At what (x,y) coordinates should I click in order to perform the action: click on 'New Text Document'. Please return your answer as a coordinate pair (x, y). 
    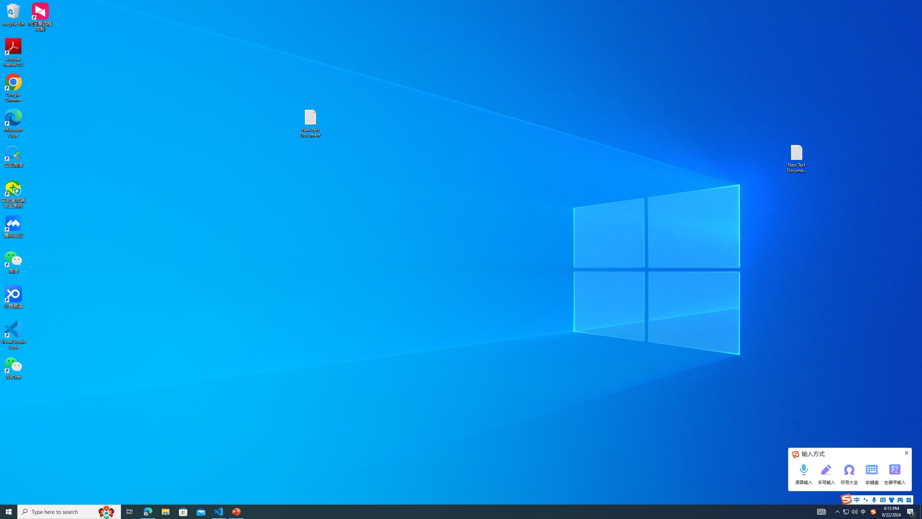
    Looking at the image, I should click on (310, 123).